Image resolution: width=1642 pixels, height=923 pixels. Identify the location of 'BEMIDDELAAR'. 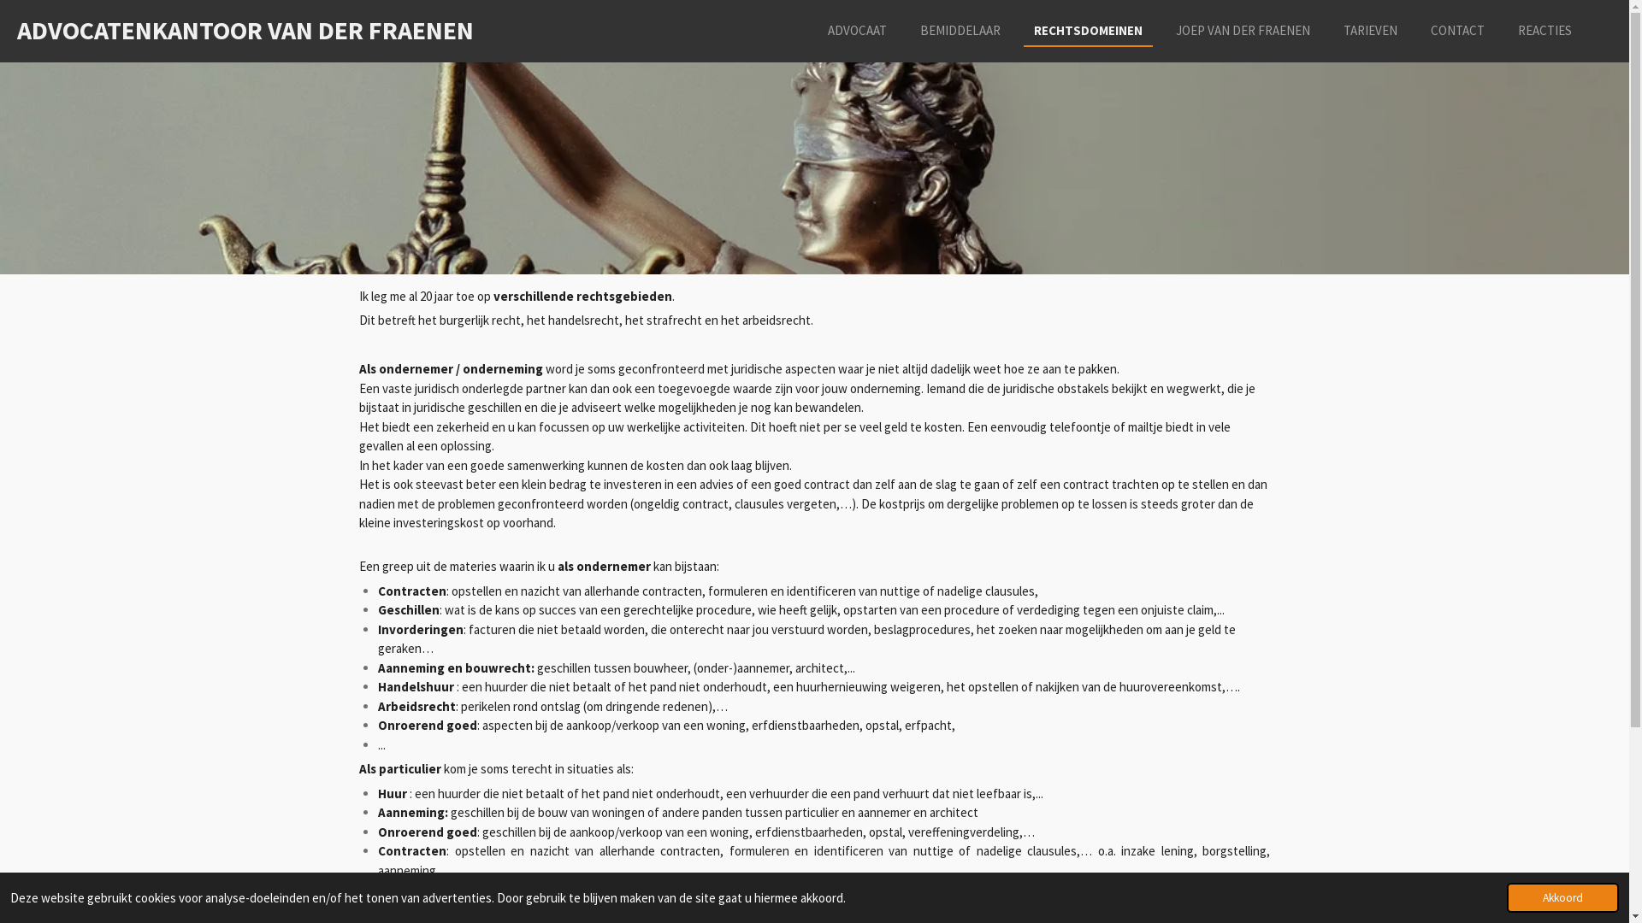
(909, 31).